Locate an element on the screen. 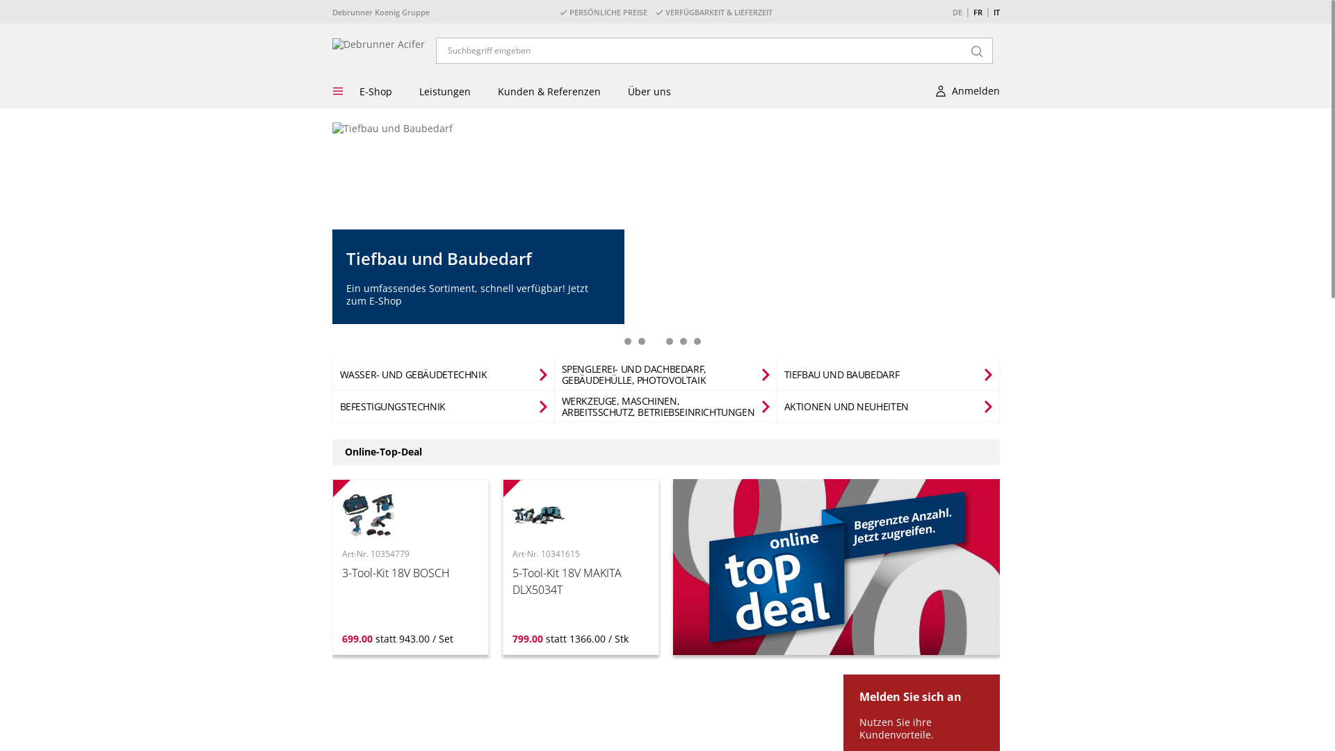  'Search' is located at coordinates (960, 50).